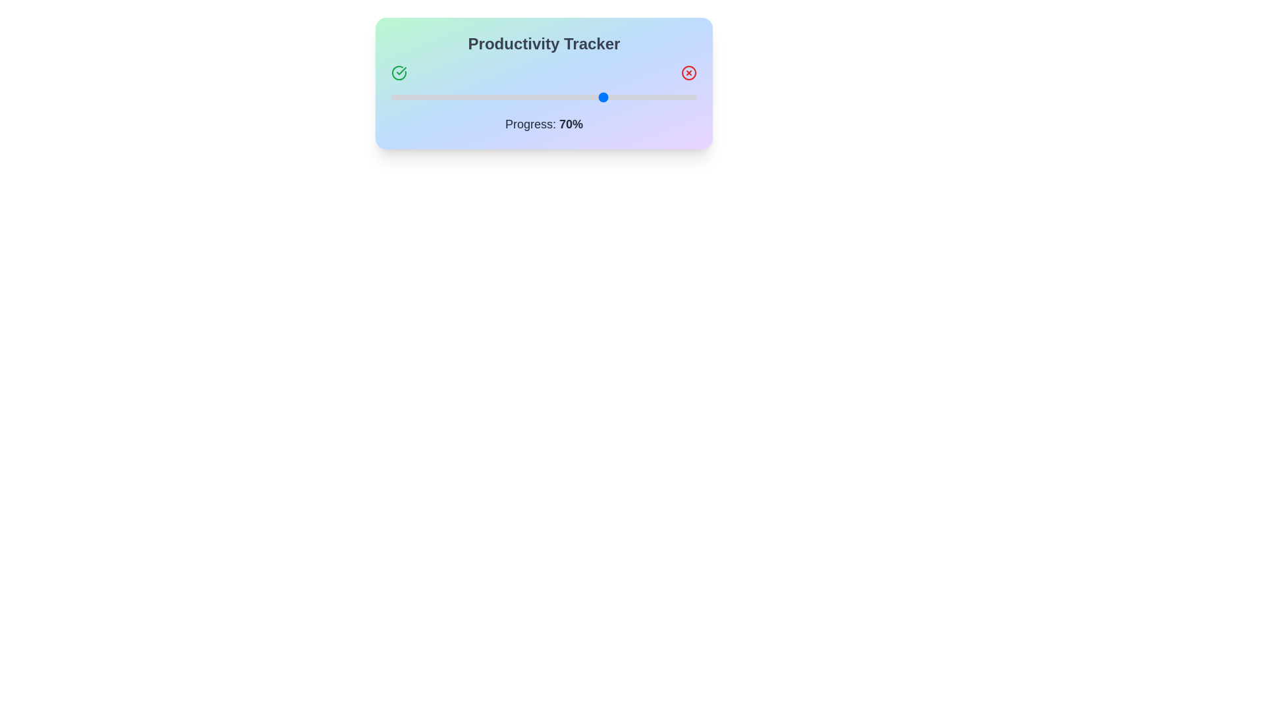 This screenshot has height=711, width=1265. I want to click on the text element that displays the current progress percentage, specifically the '70%' text located centrally below the progress bar, so click(571, 124).